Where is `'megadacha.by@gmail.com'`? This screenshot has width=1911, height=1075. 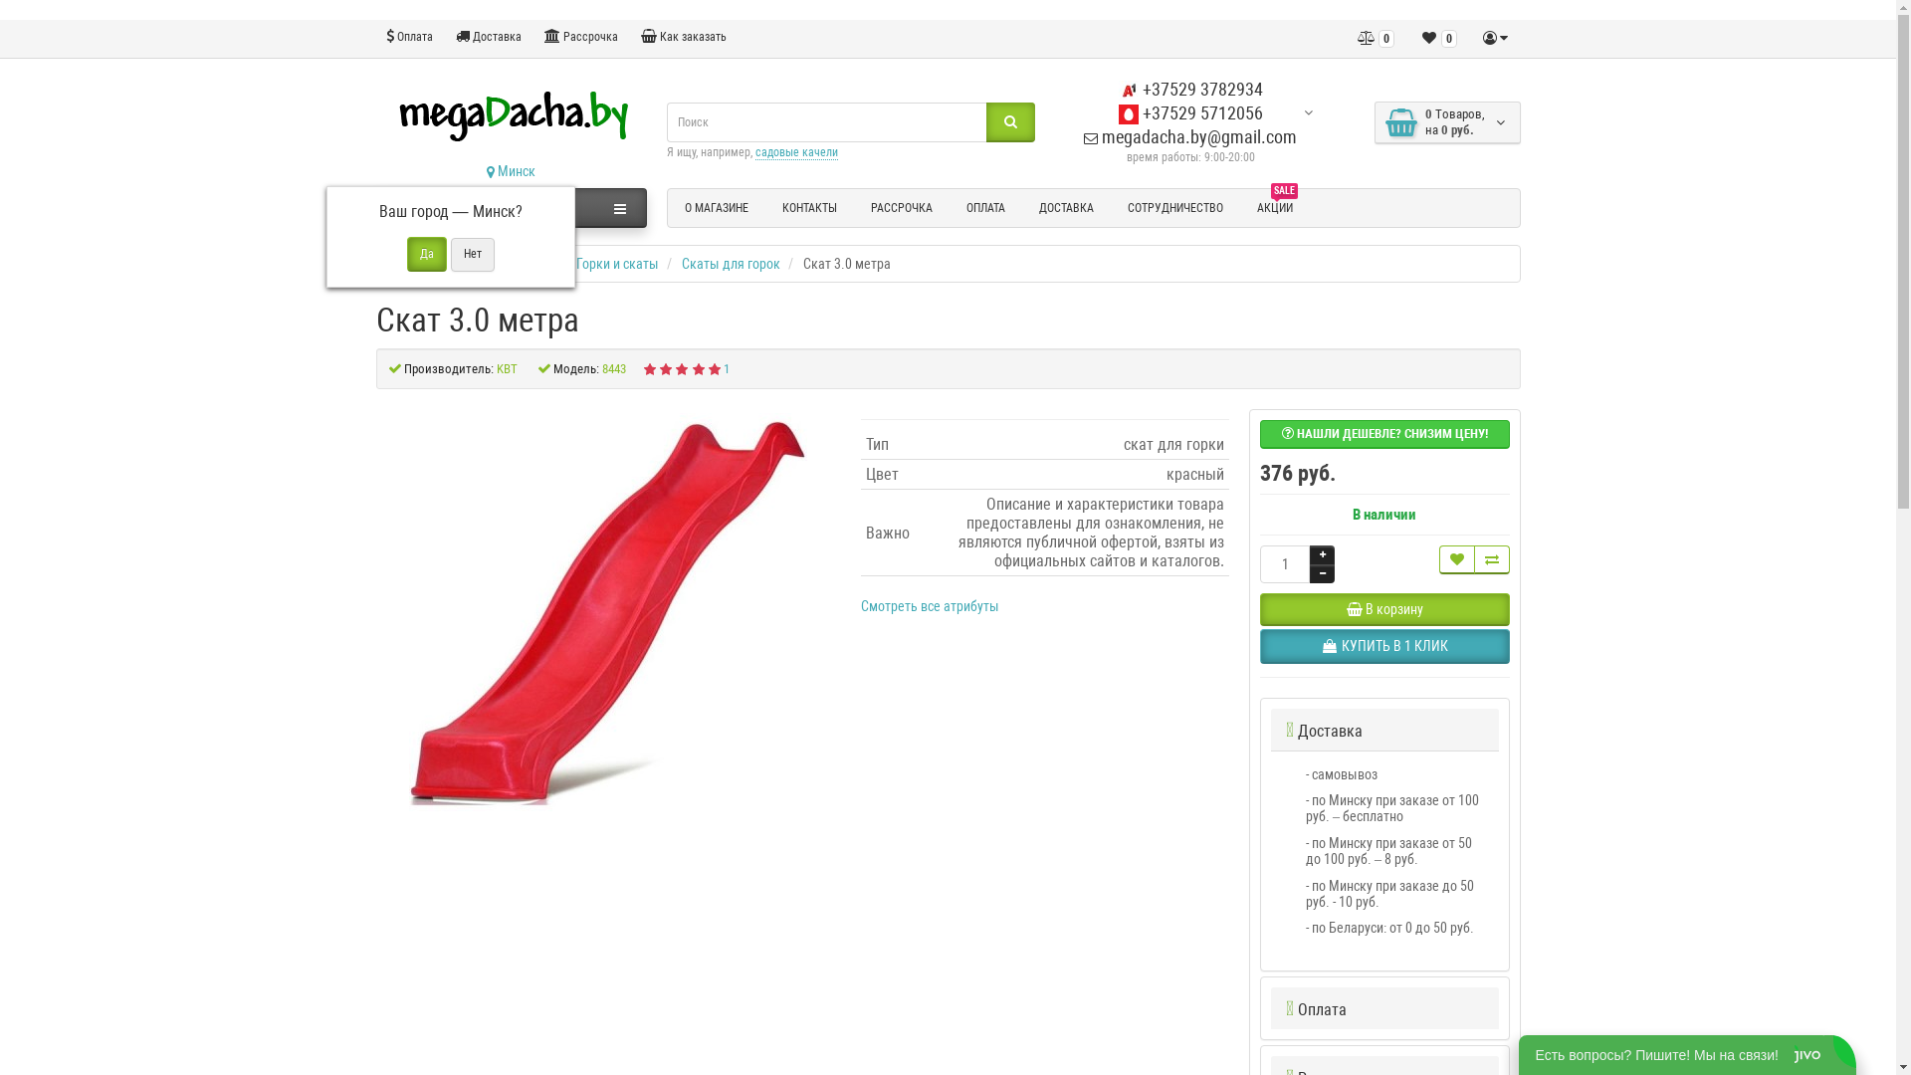
'megadacha.by@gmail.com' is located at coordinates (1189, 135).